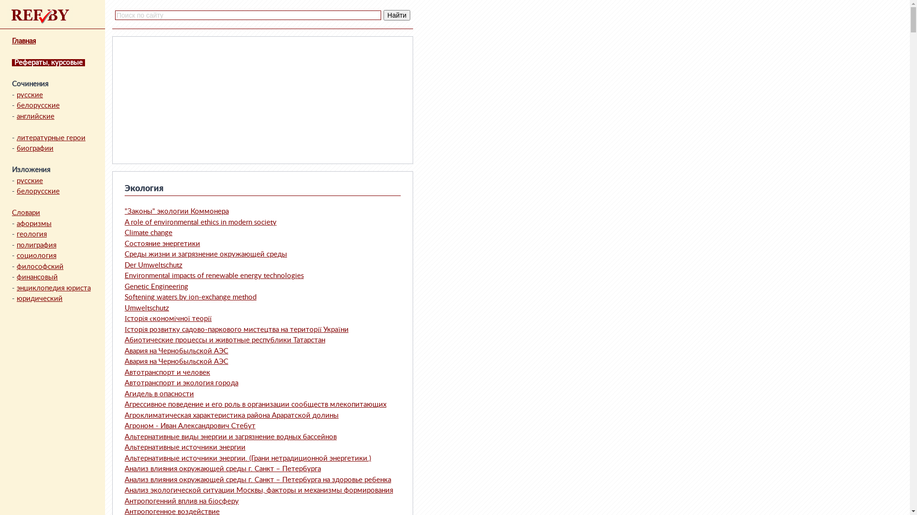 This screenshot has width=917, height=515. I want to click on 'Softening waters by ion-exchange method', so click(124, 297).